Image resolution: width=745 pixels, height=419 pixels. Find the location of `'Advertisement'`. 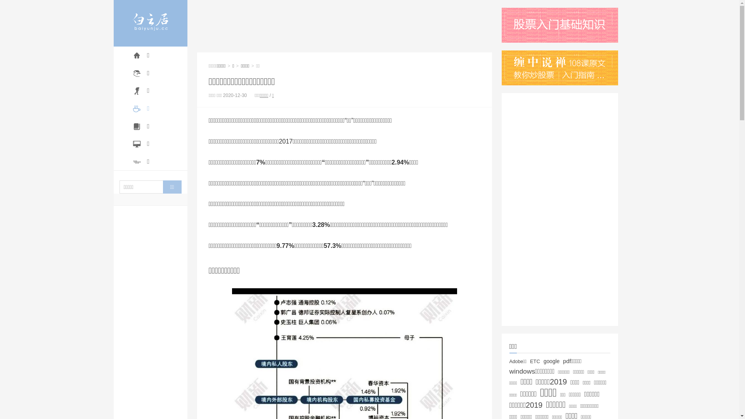

'Advertisement' is located at coordinates (501, 209).